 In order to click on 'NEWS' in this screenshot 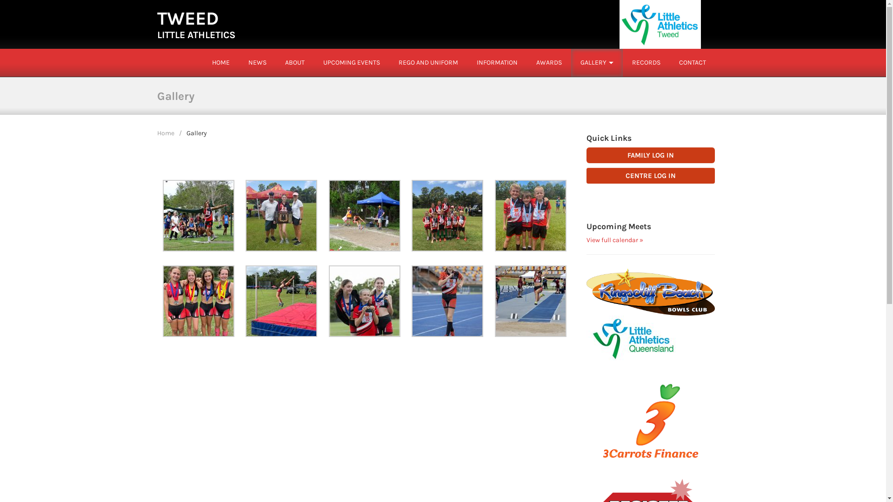, I will do `click(257, 62)`.